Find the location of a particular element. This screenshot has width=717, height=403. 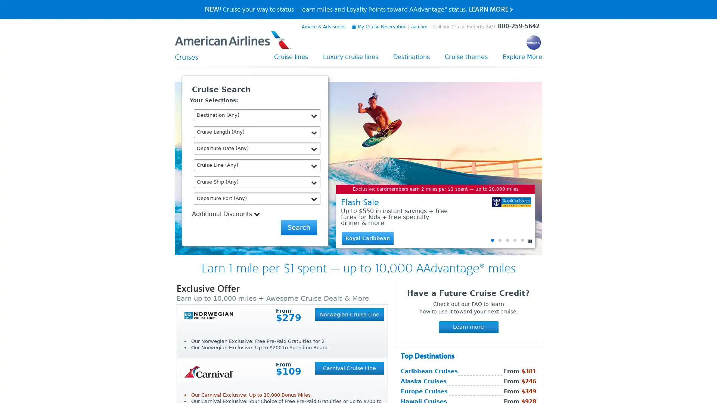

Cruise lines is located at coordinates (291, 56).